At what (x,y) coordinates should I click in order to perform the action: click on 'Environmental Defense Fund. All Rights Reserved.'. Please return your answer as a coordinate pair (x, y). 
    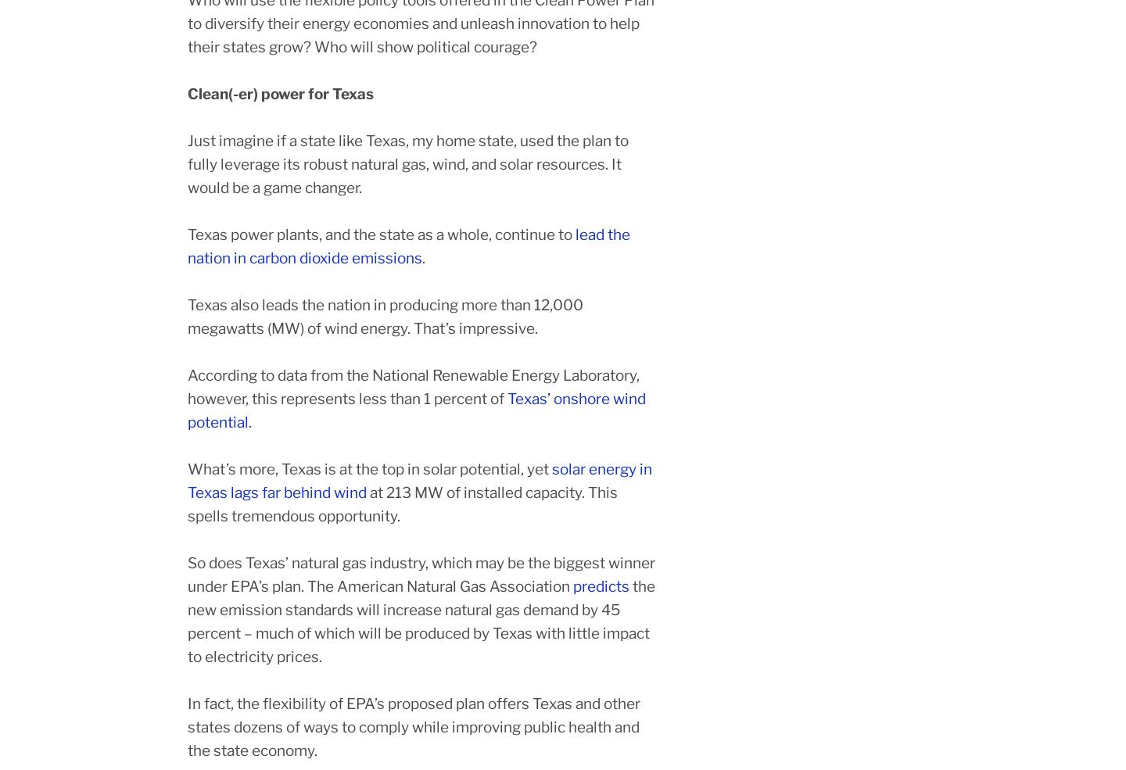
    Looking at the image, I should click on (626, 705).